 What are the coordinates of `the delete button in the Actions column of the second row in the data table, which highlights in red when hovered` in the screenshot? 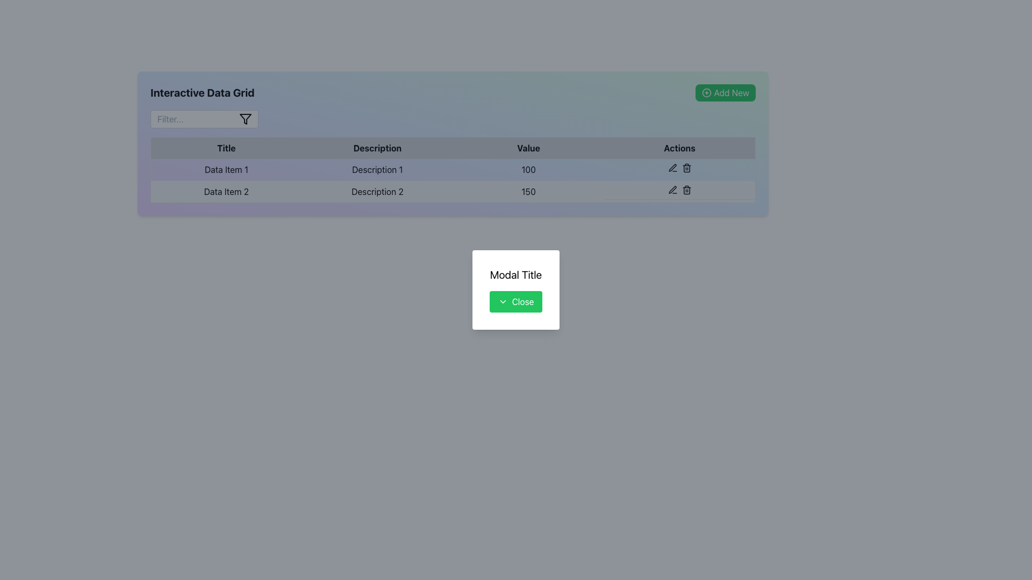 It's located at (686, 189).